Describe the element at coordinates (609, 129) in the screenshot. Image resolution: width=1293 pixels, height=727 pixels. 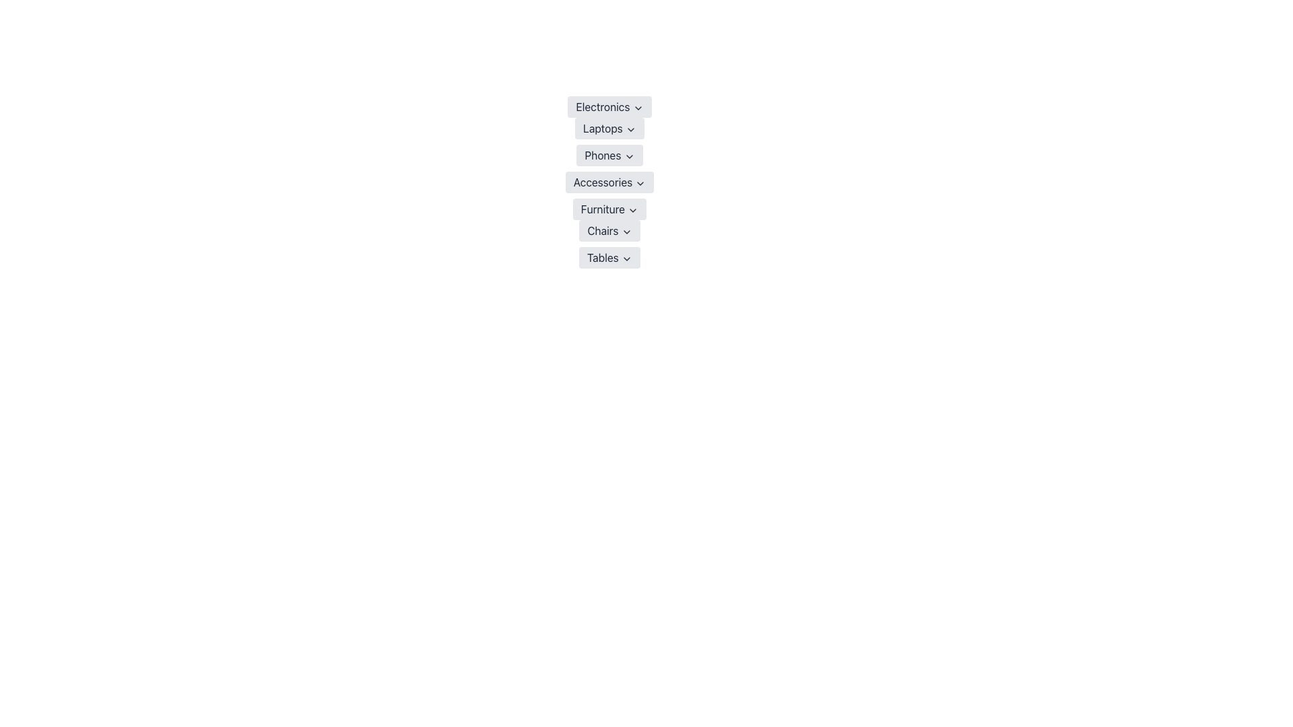
I see `the 'Laptops' dropdown menu` at that location.